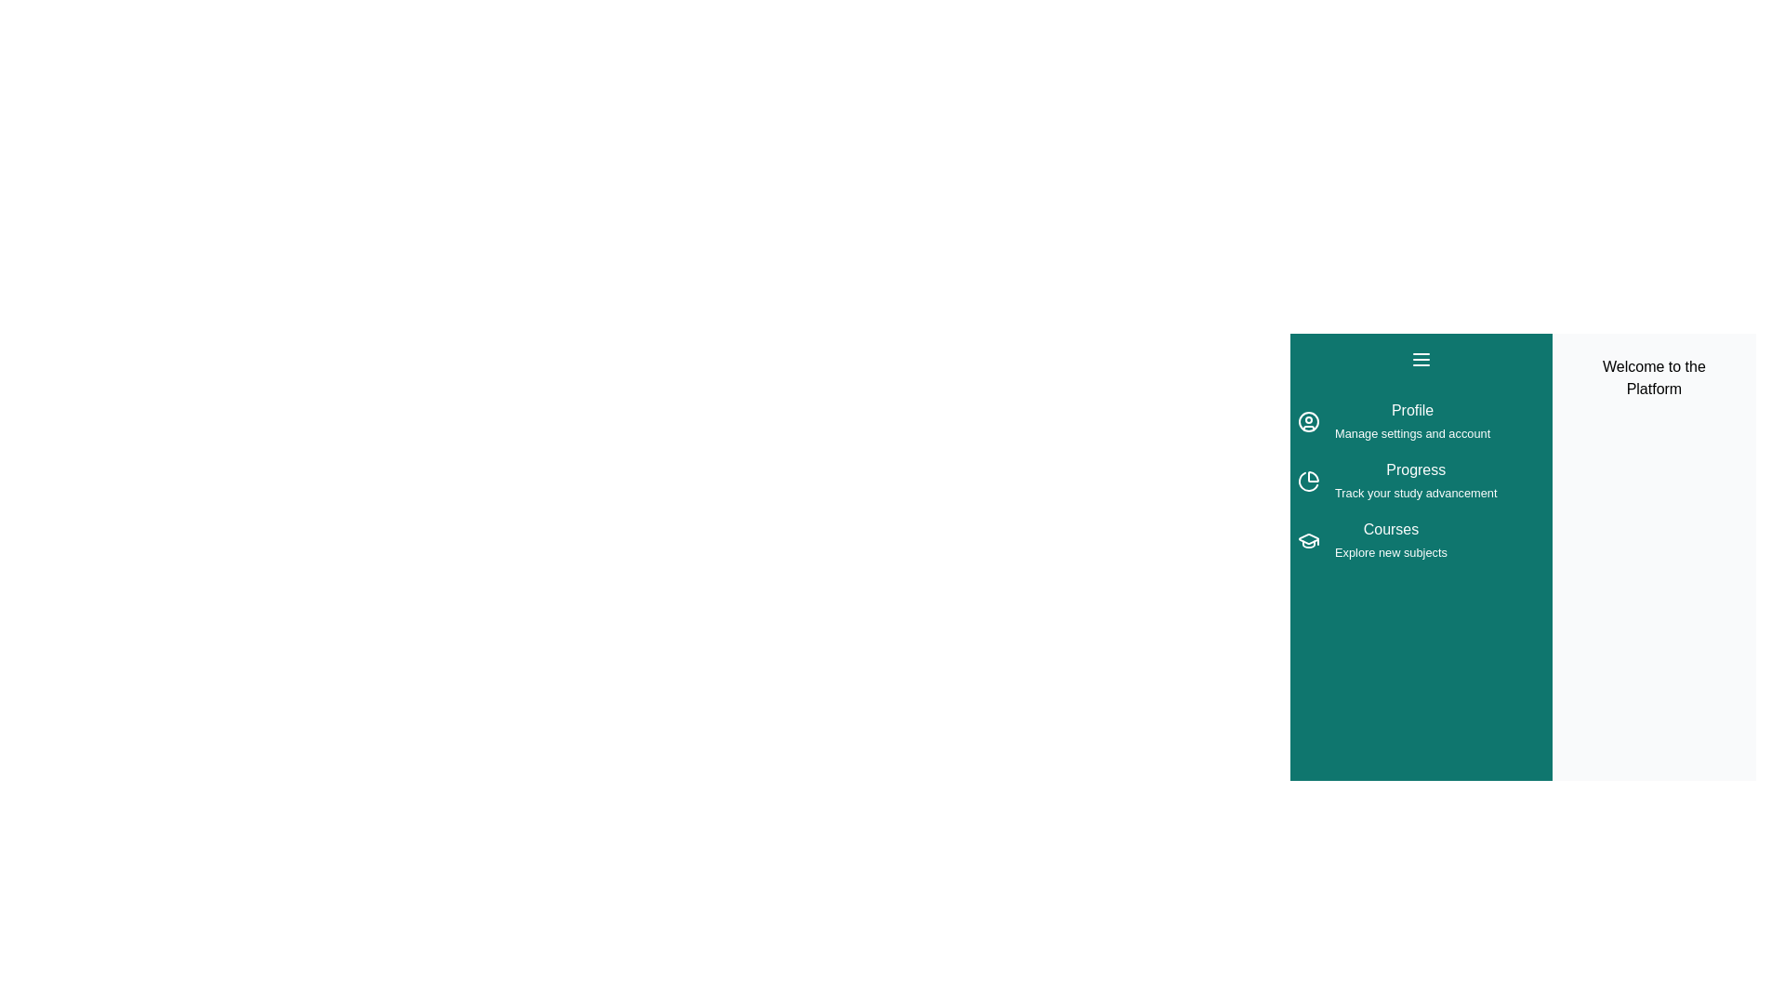 The image size is (1785, 1004). Describe the element at coordinates (1420, 422) in the screenshot. I see `the menu item Profile in the drawer` at that location.